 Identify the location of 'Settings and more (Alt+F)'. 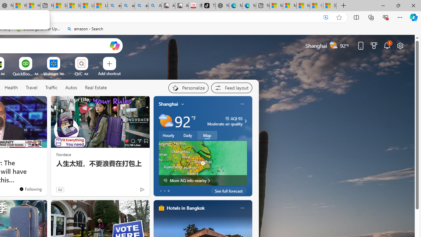
(400, 17).